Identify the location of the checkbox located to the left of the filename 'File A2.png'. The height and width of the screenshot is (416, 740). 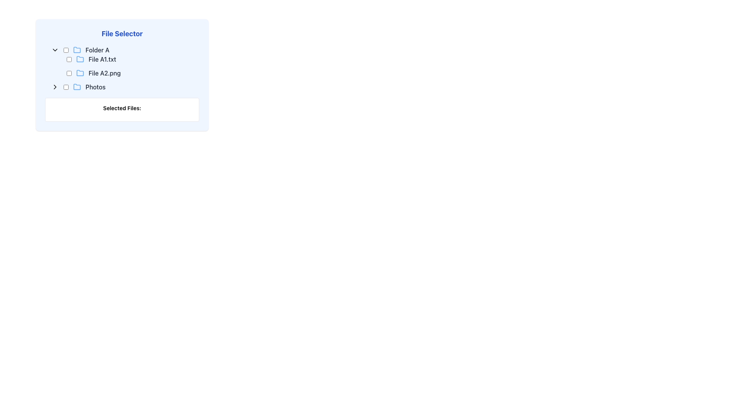
(69, 73).